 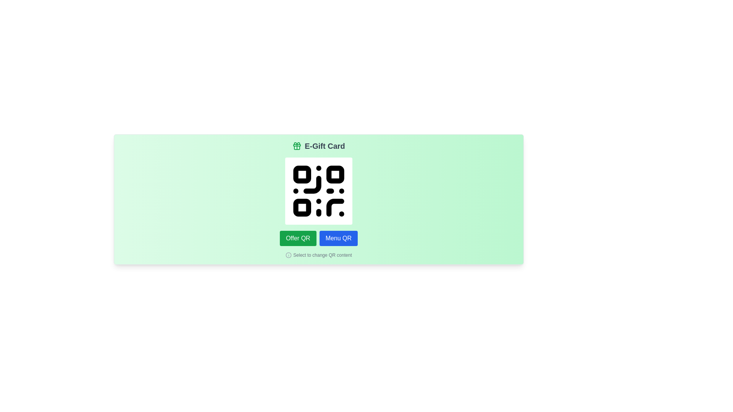 I want to click on the curved line segment forming part of the QR code pattern, which is positioned slightly left of center and towards the top of the QR code, so click(x=312, y=185).